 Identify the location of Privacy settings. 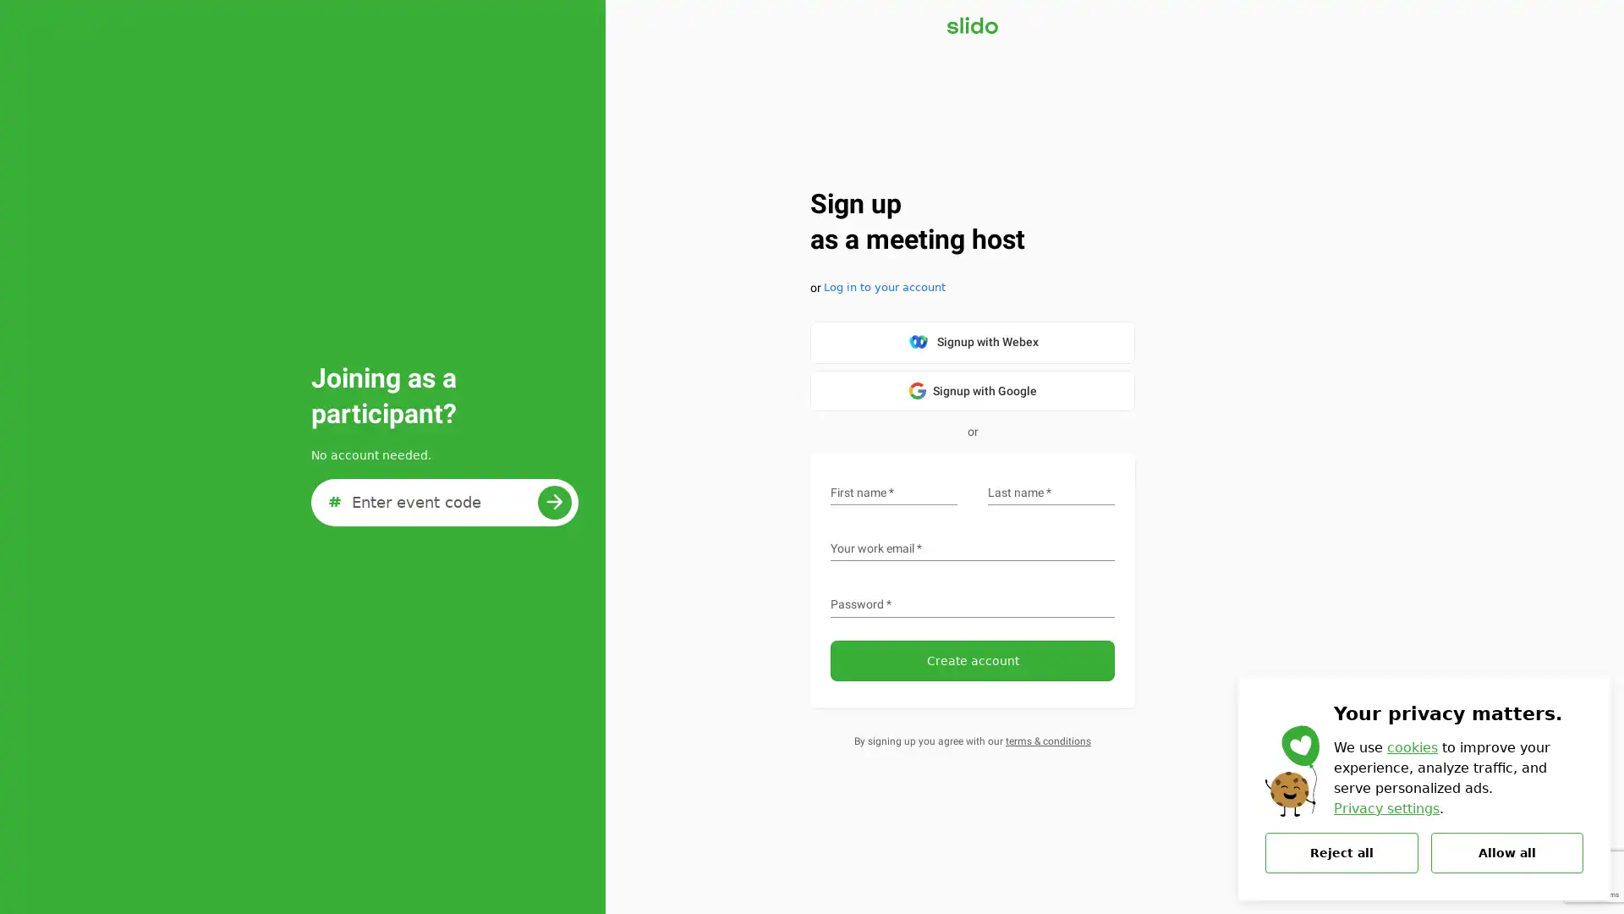
(1386, 807).